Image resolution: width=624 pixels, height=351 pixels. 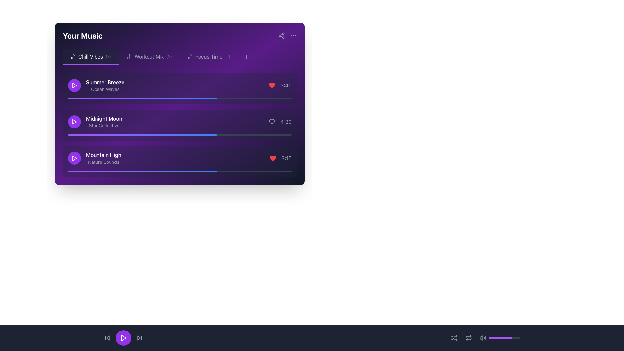 What do you see at coordinates (149, 56) in the screenshot?
I see `the 'Workout Mix' button in the navigation bar` at bounding box center [149, 56].